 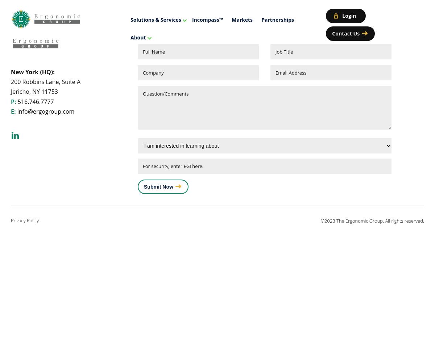 What do you see at coordinates (159, 55) in the screenshot?
I see `'Managed Services'` at bounding box center [159, 55].